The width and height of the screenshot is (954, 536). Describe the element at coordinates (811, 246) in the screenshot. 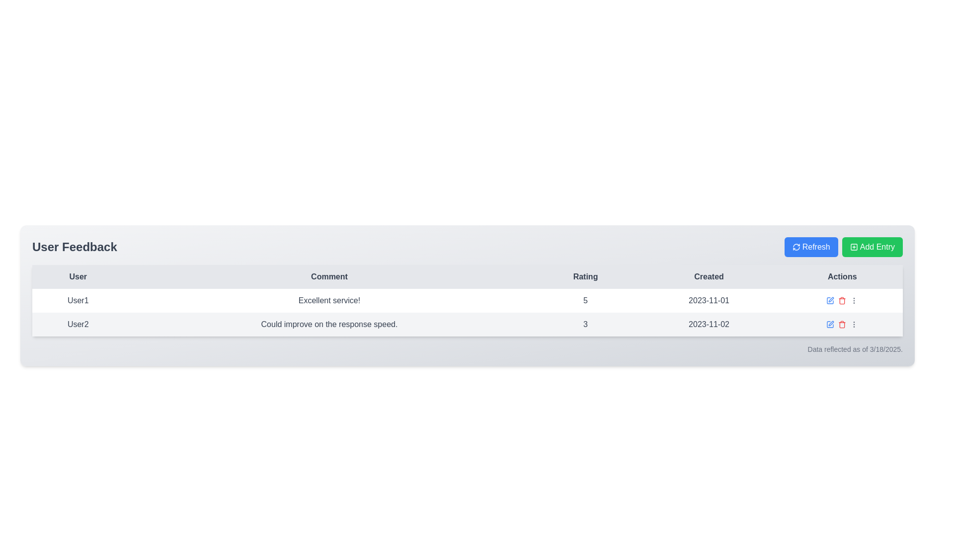

I see `the refresh button located at the top-right corner of the panel to observe the hover state change` at that location.